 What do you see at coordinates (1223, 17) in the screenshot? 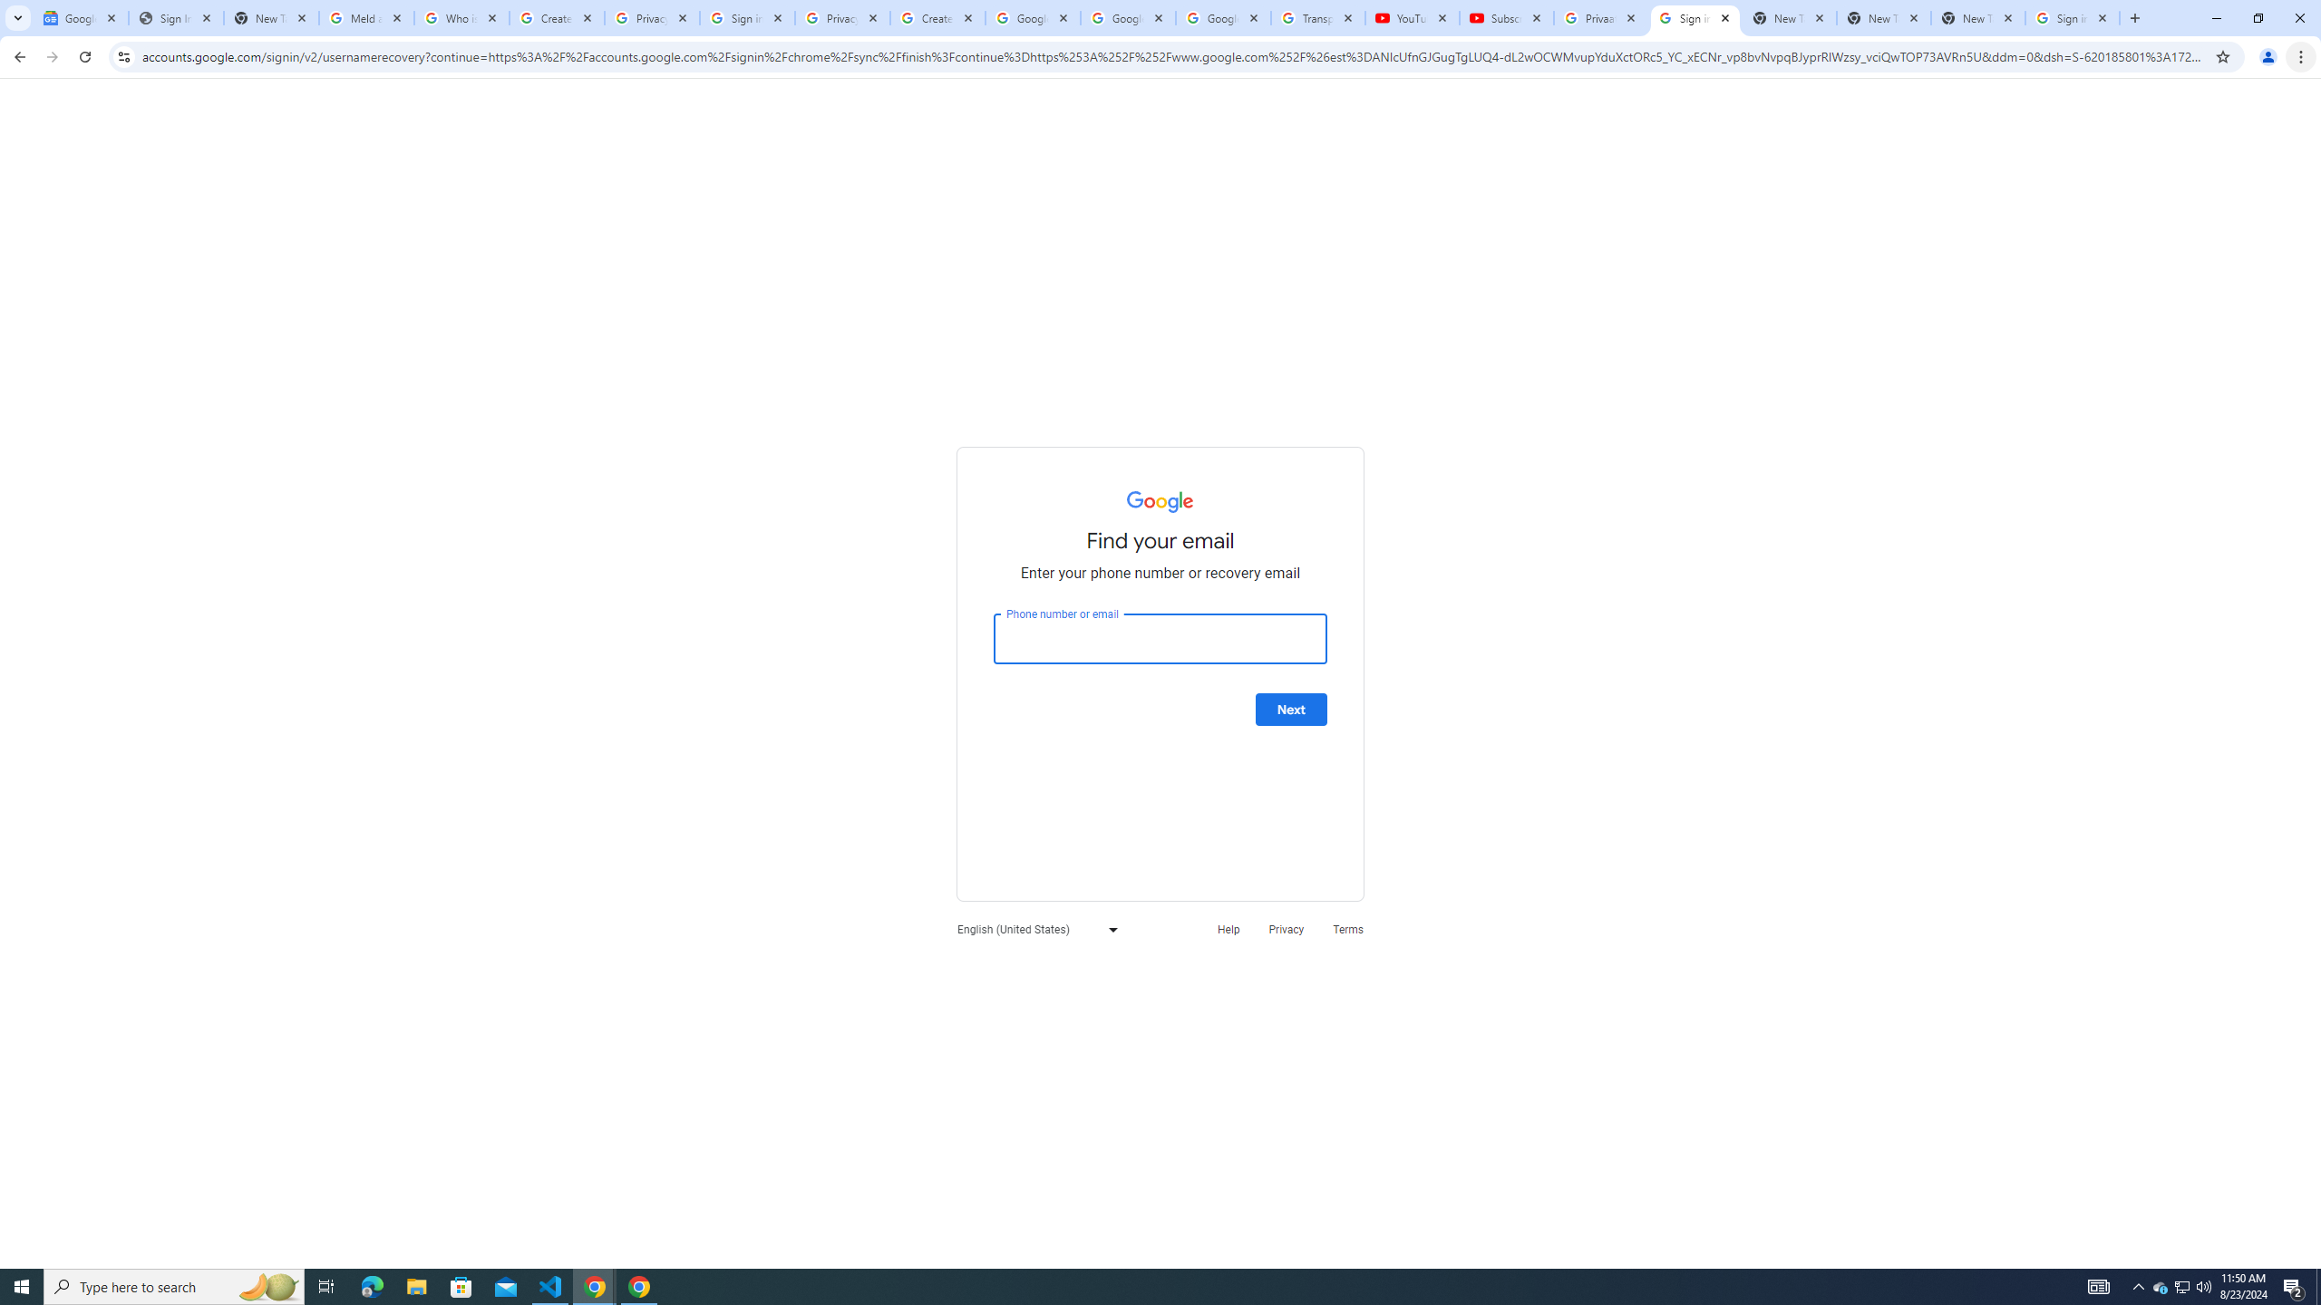
I see `'Google Account'` at bounding box center [1223, 17].